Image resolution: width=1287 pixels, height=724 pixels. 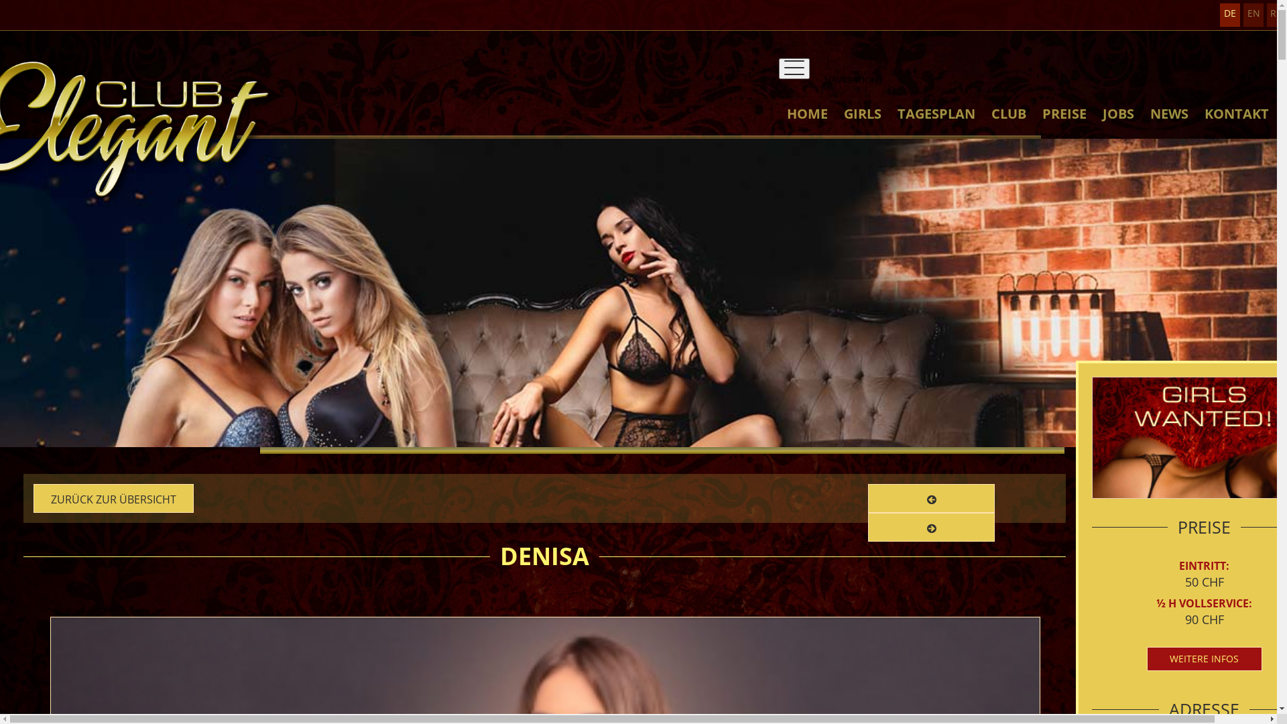 What do you see at coordinates (1229, 15) in the screenshot?
I see `'DE'` at bounding box center [1229, 15].